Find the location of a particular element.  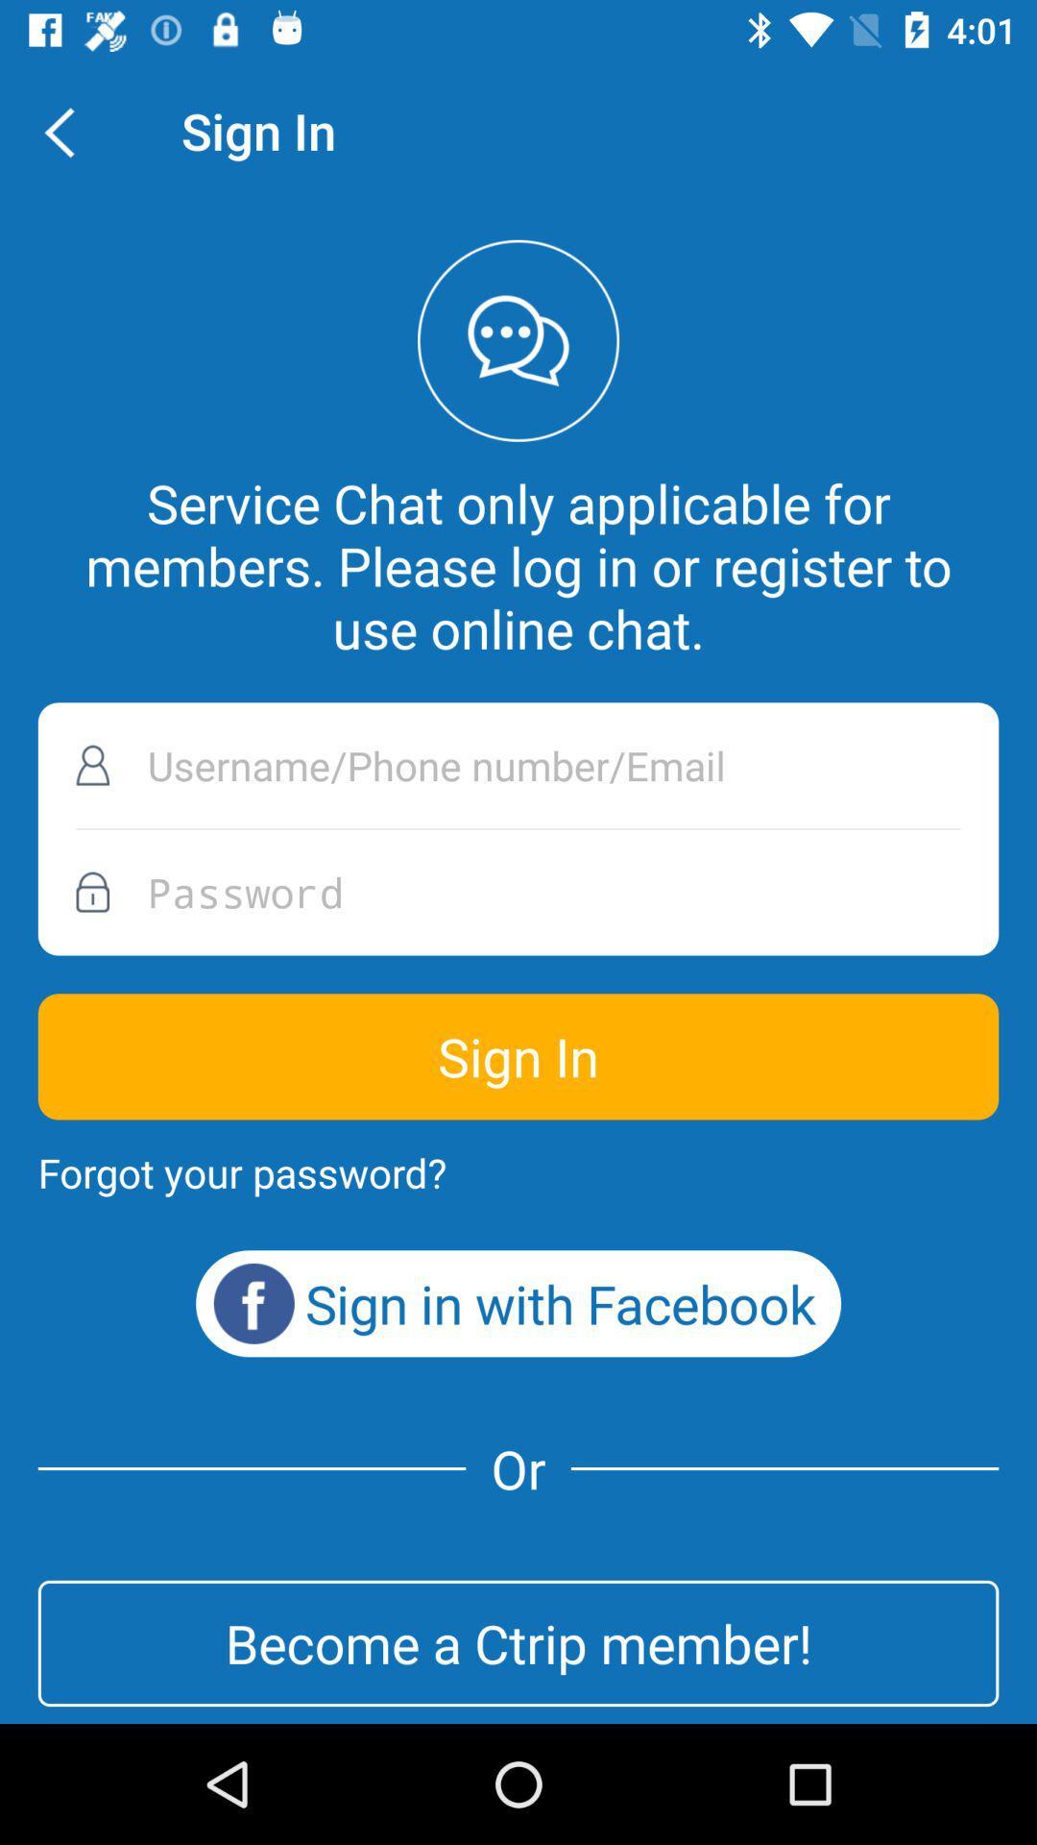

the icon above the service chat only is located at coordinates (69, 130).